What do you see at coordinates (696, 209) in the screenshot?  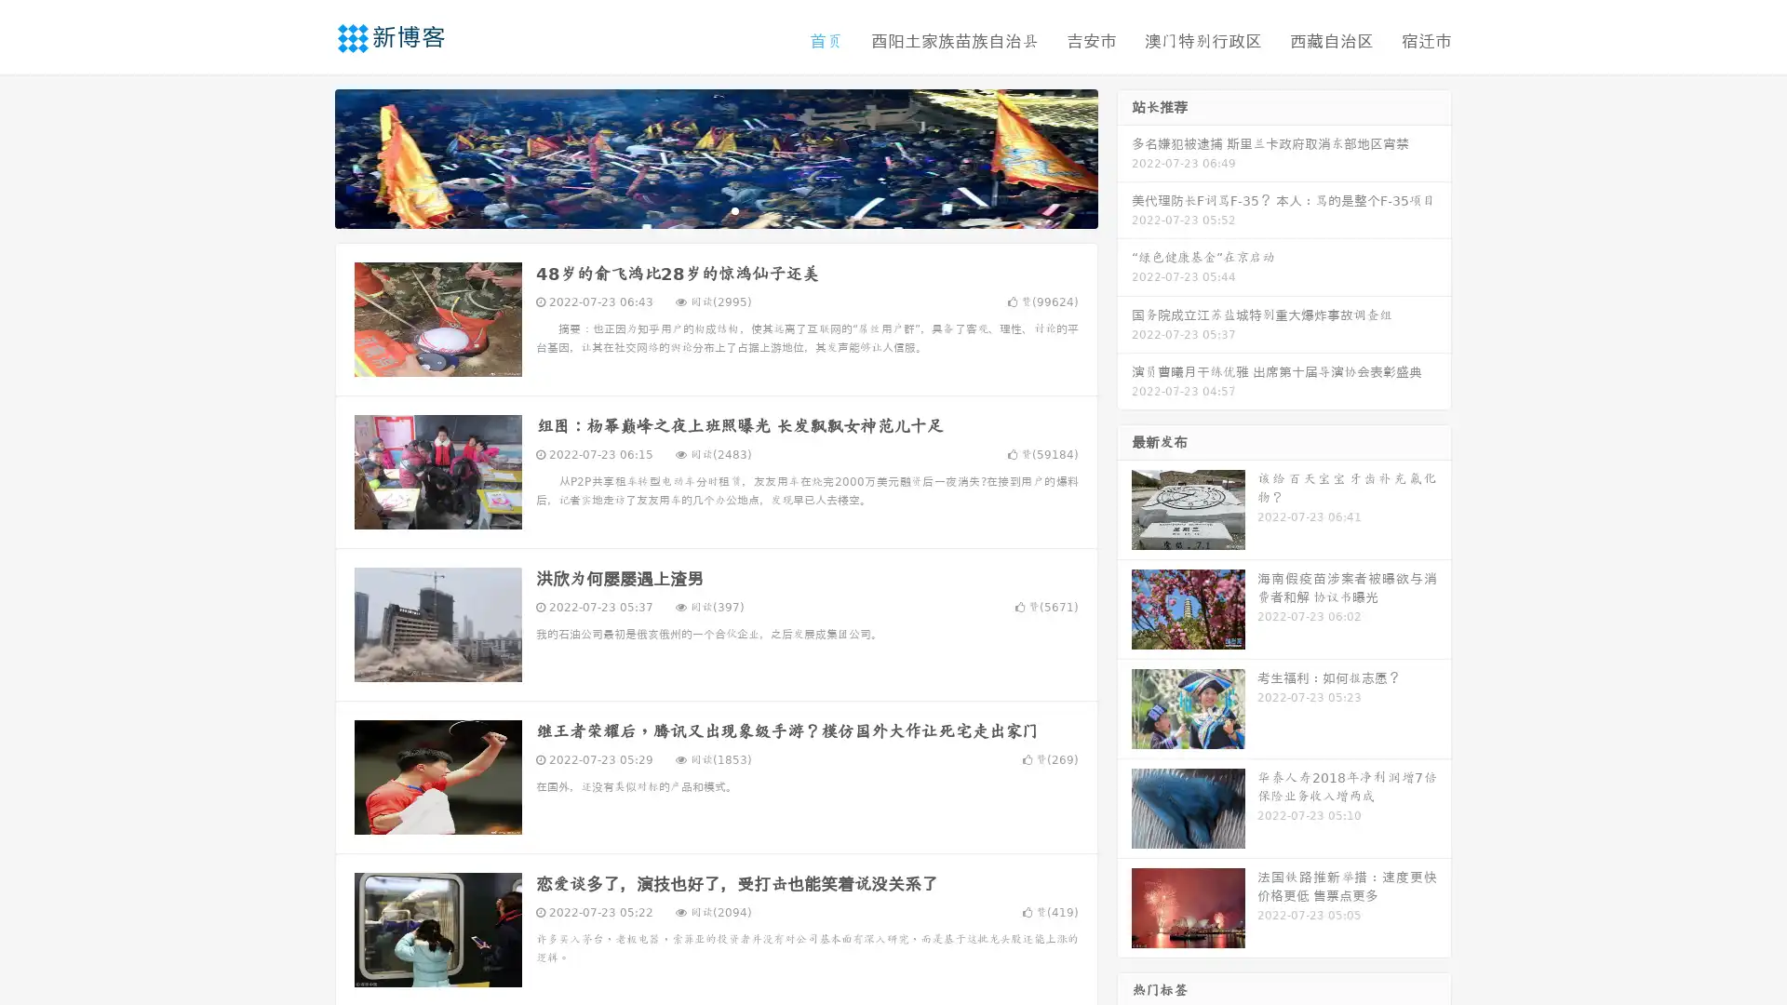 I see `Go to slide 1` at bounding box center [696, 209].